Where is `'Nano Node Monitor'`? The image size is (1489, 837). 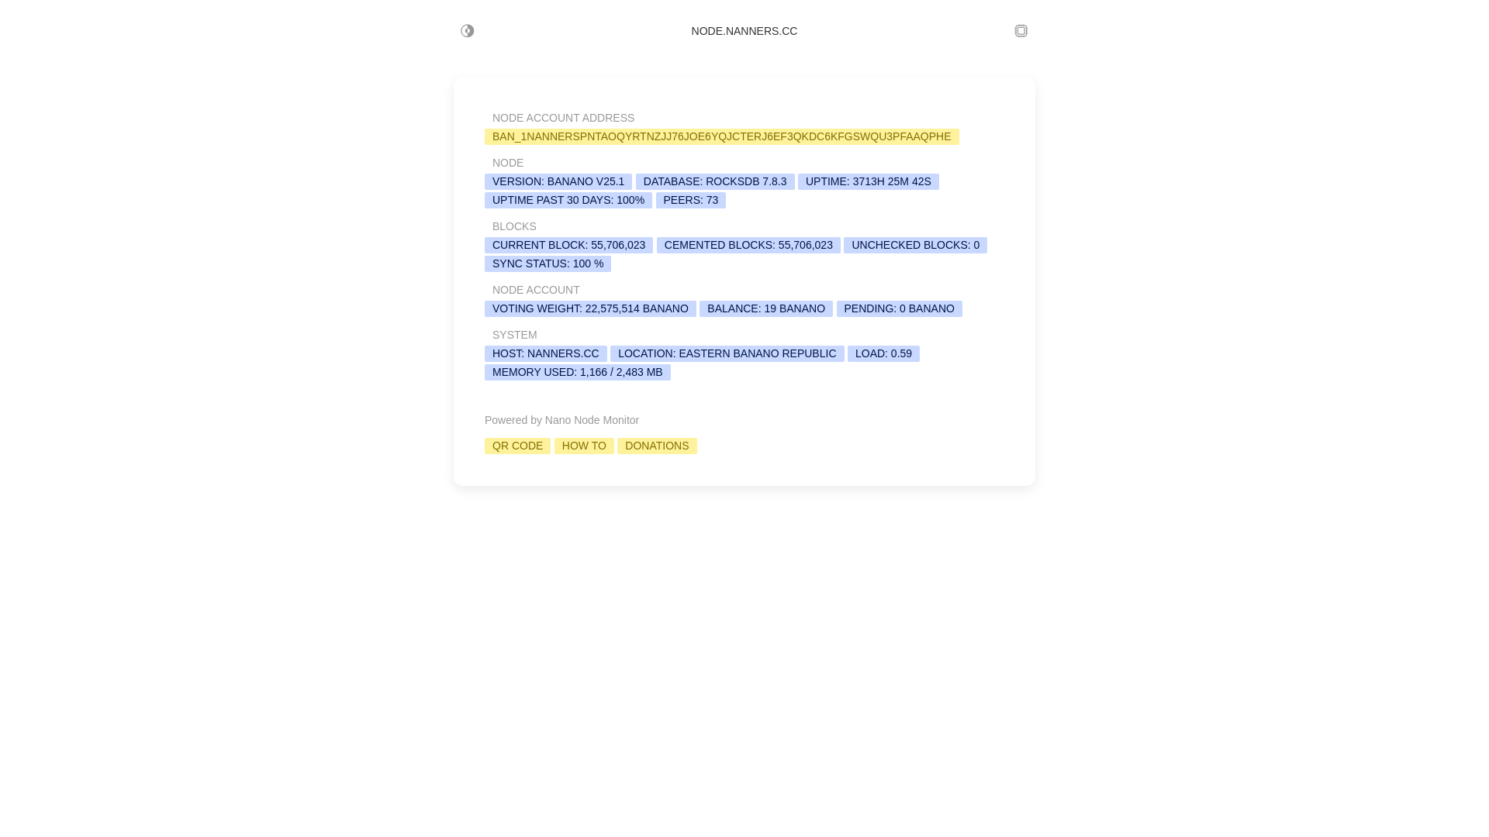
'Nano Node Monitor' is located at coordinates (591, 420).